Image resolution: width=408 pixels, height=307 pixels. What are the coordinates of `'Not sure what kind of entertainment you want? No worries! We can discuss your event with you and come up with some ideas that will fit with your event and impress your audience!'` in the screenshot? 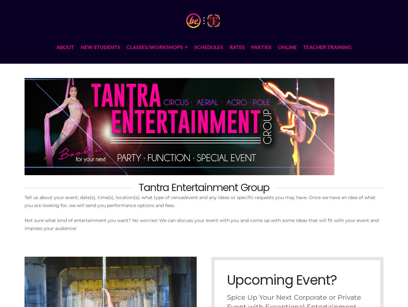 It's located at (24, 224).